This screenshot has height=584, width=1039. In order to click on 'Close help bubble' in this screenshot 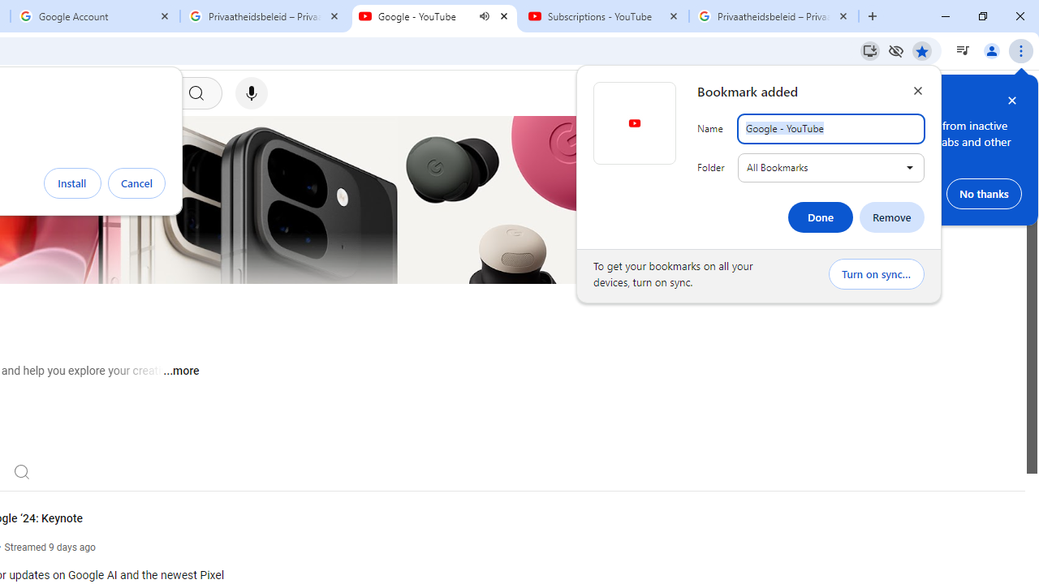, I will do `click(1011, 101)`.